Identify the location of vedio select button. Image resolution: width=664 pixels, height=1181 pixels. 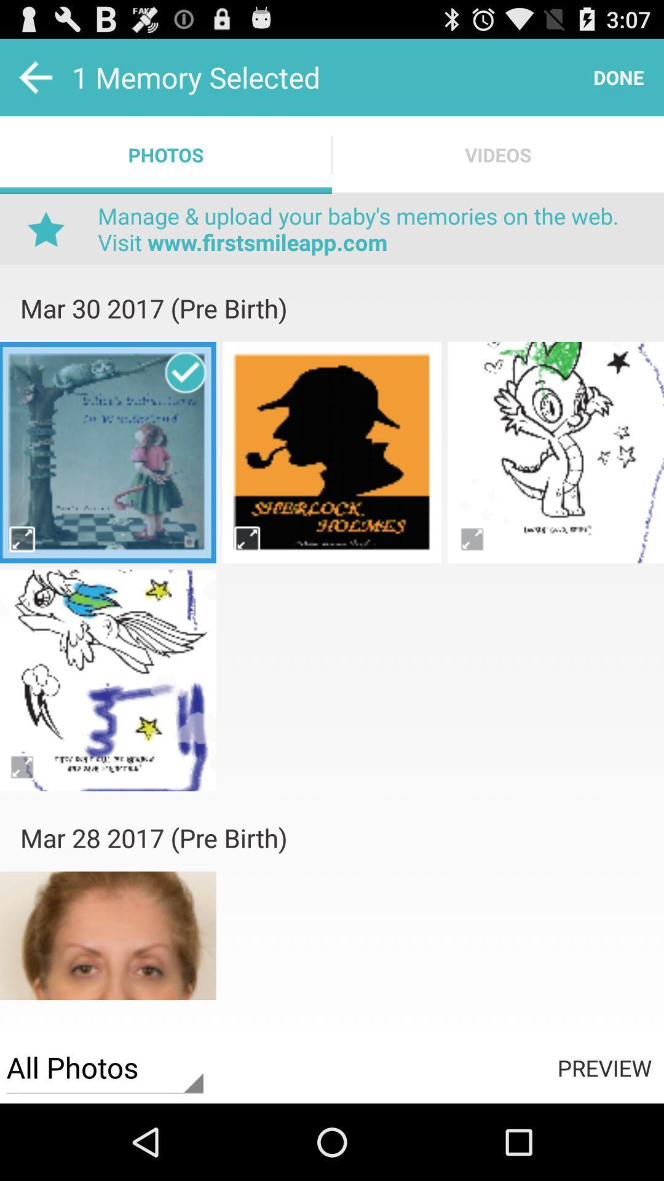
(23, 539).